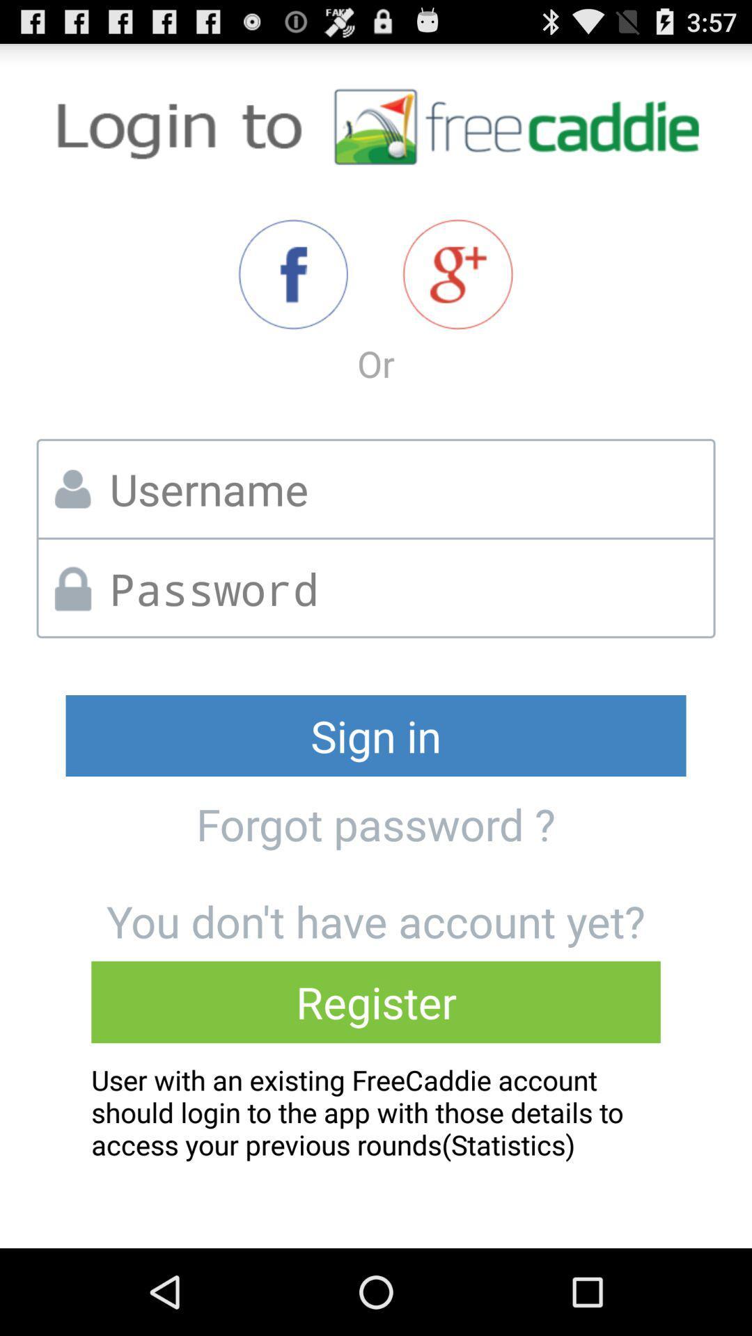 The image size is (752, 1336). I want to click on the facebook icon, so click(292, 293).